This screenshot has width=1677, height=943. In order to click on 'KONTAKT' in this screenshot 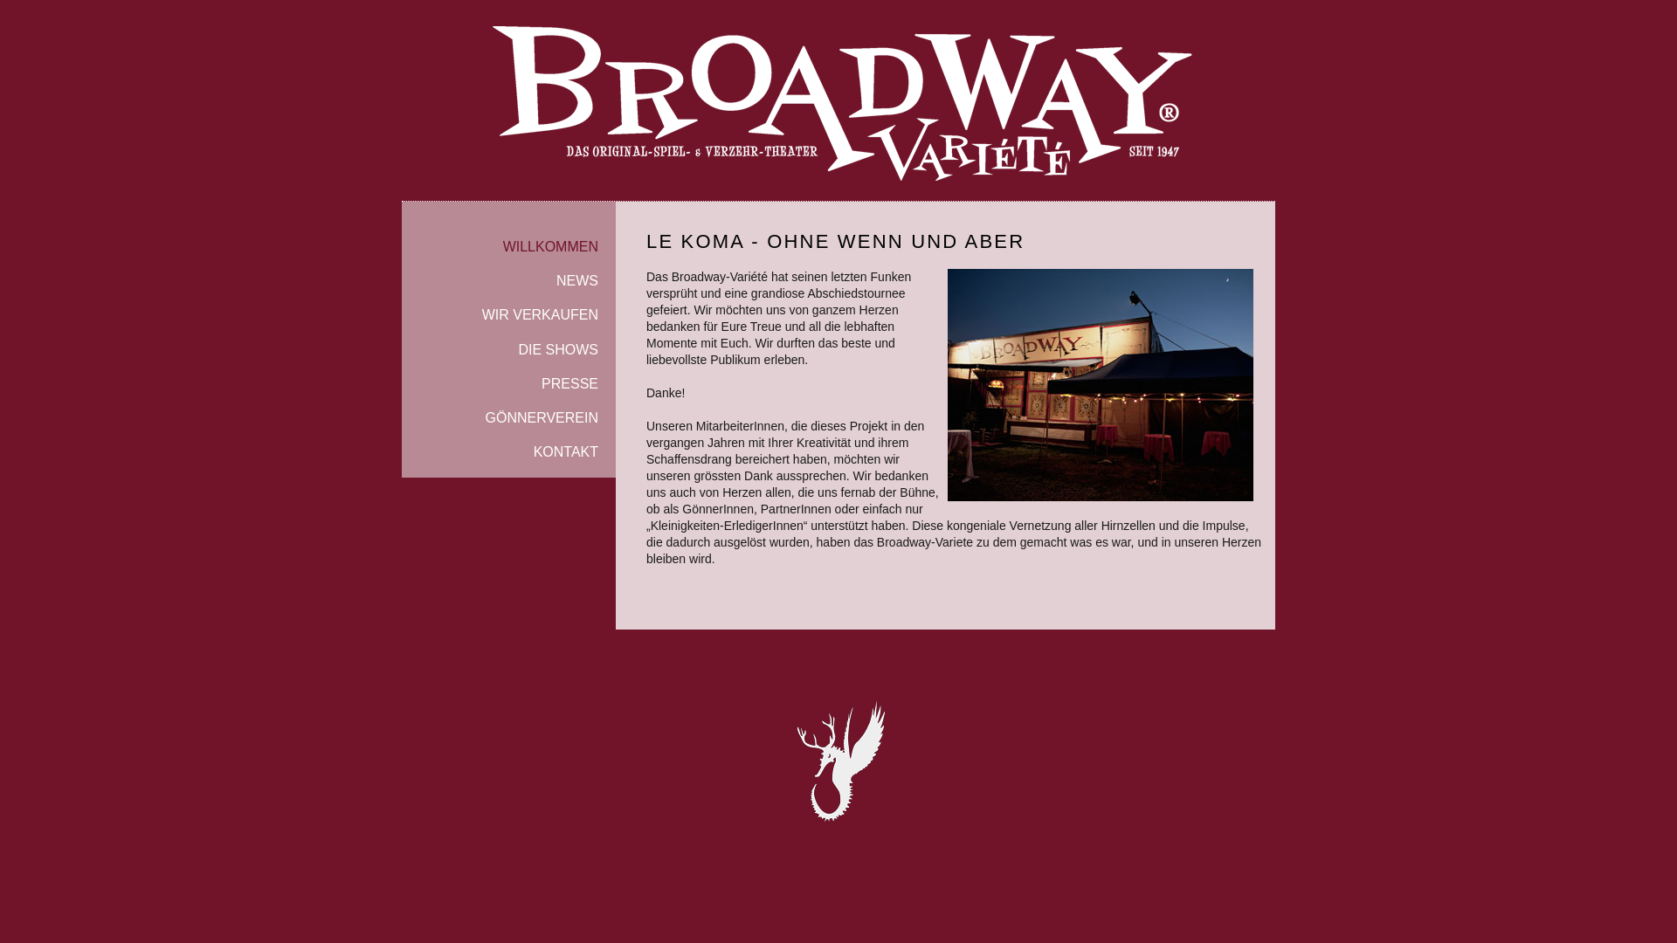, I will do `click(499, 445)`.